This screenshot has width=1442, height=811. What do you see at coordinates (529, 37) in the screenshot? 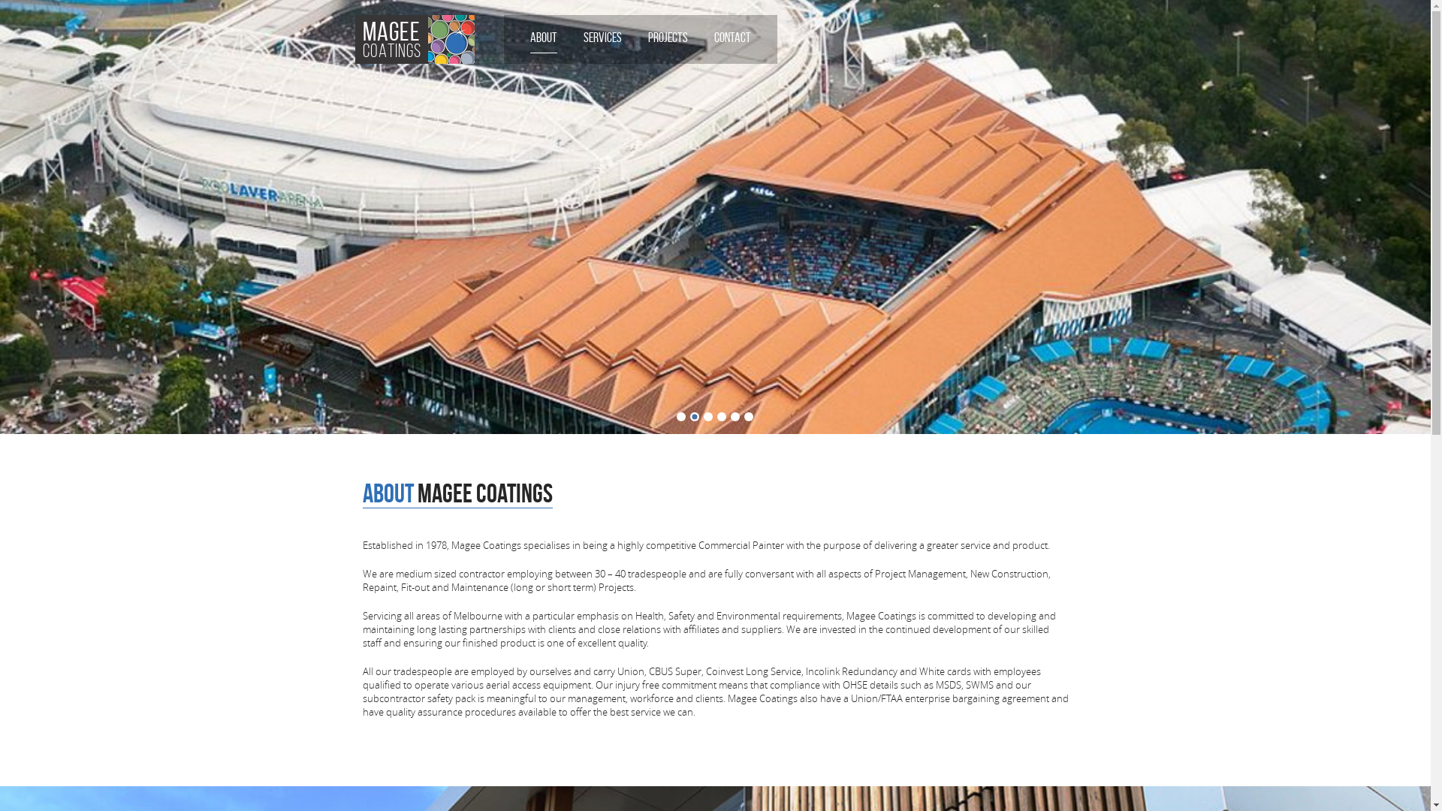
I see `'ABOUT'` at bounding box center [529, 37].